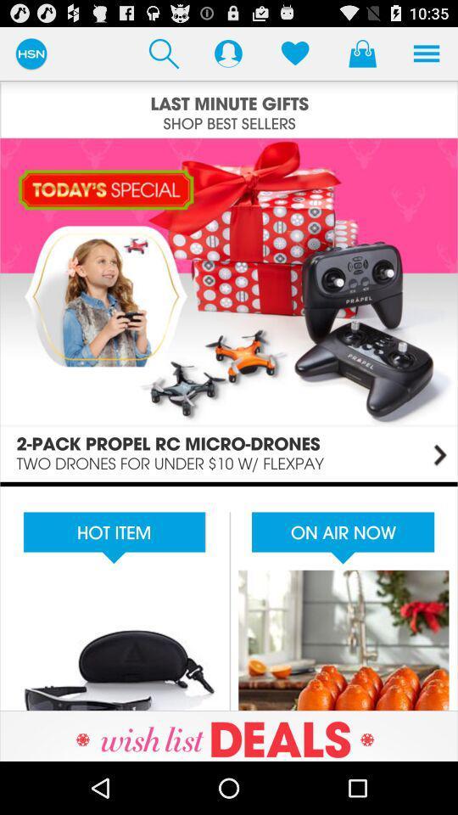  What do you see at coordinates (229, 735) in the screenshot?
I see `deals` at bounding box center [229, 735].